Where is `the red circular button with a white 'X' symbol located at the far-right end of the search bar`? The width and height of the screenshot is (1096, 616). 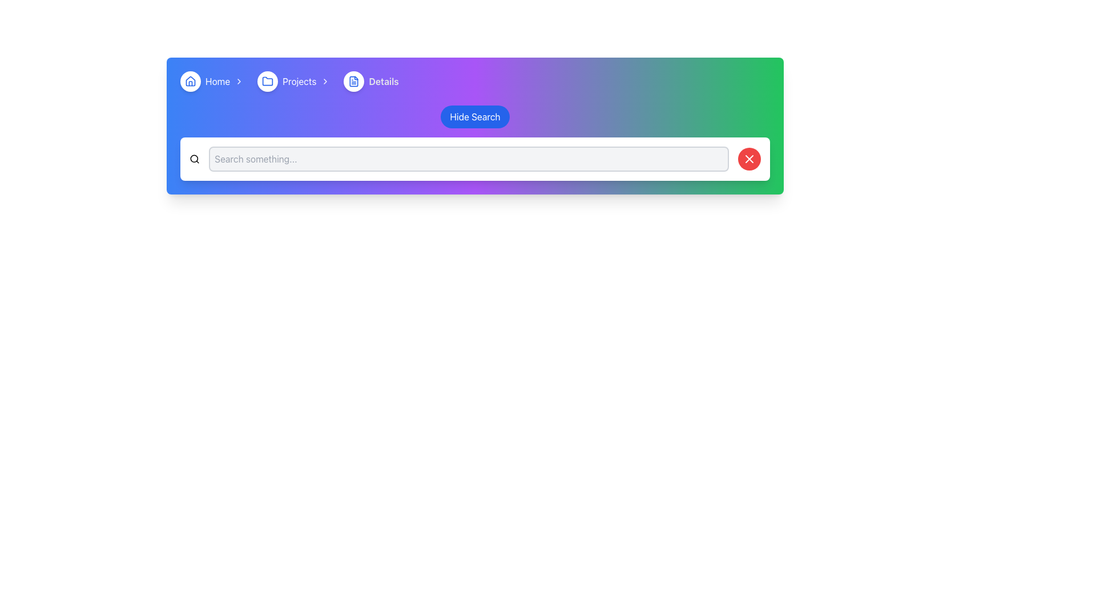
the red circular button with a white 'X' symbol located at the far-right end of the search bar is located at coordinates (750, 159).